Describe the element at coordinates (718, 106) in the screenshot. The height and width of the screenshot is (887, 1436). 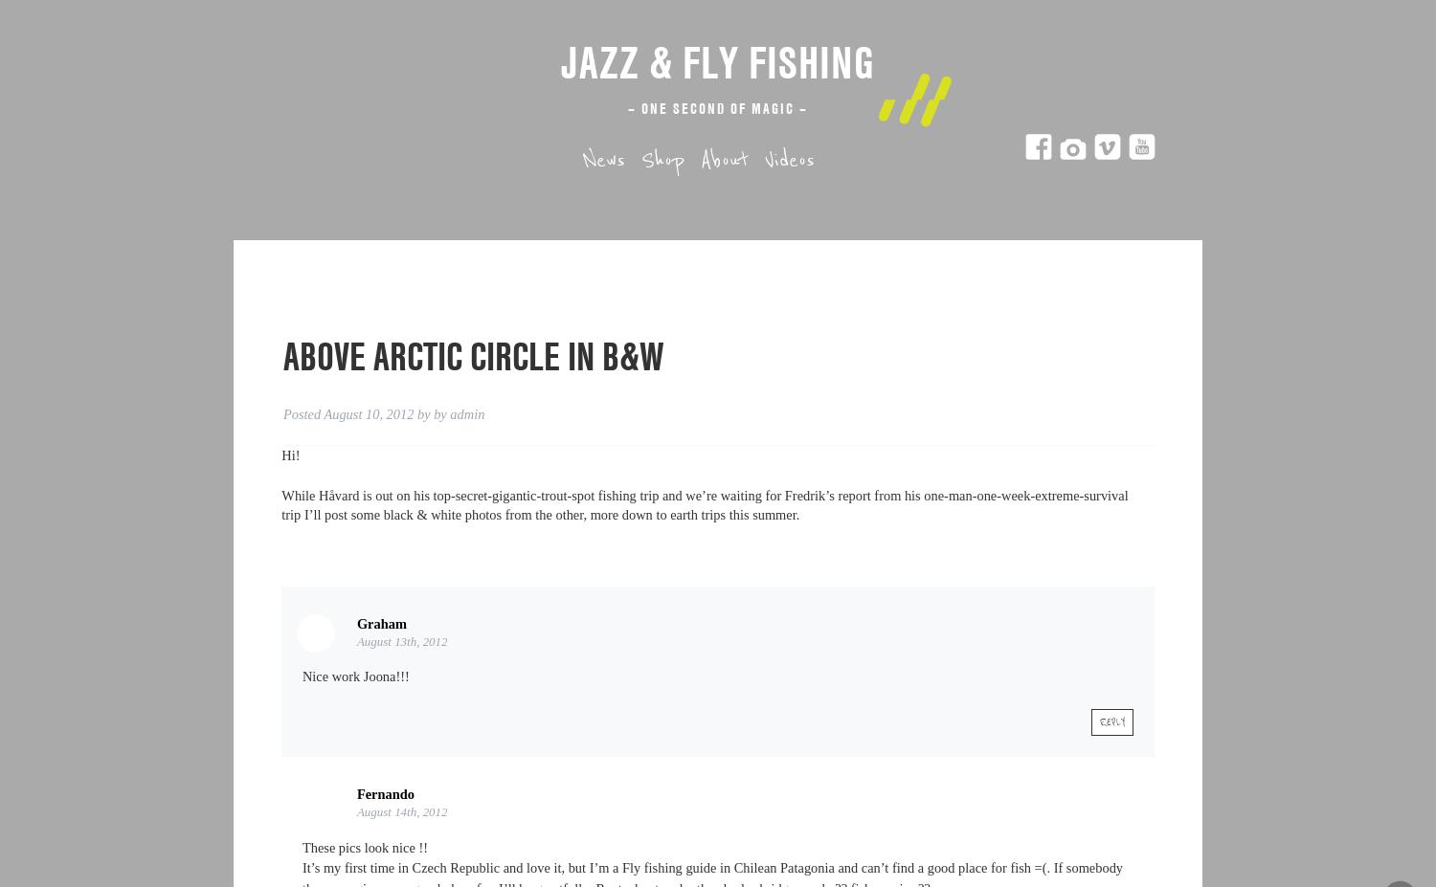
I see `'– One second of magic –'` at that location.